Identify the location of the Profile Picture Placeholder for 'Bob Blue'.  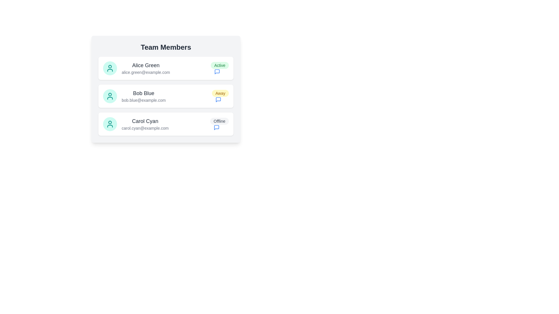
(110, 96).